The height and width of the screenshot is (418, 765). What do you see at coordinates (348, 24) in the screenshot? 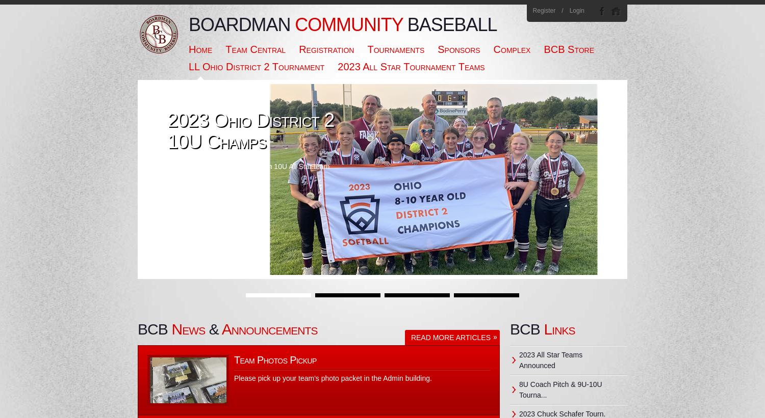
I see `'Community'` at bounding box center [348, 24].